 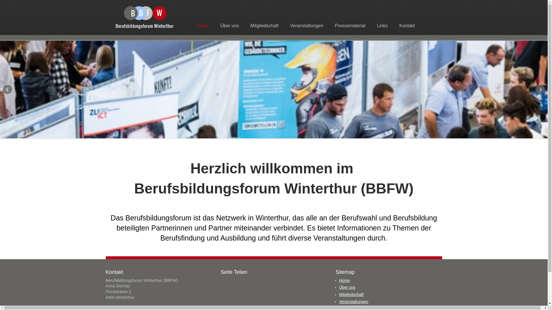 What do you see at coordinates (339, 280) in the screenshot?
I see `'Home'` at bounding box center [339, 280].